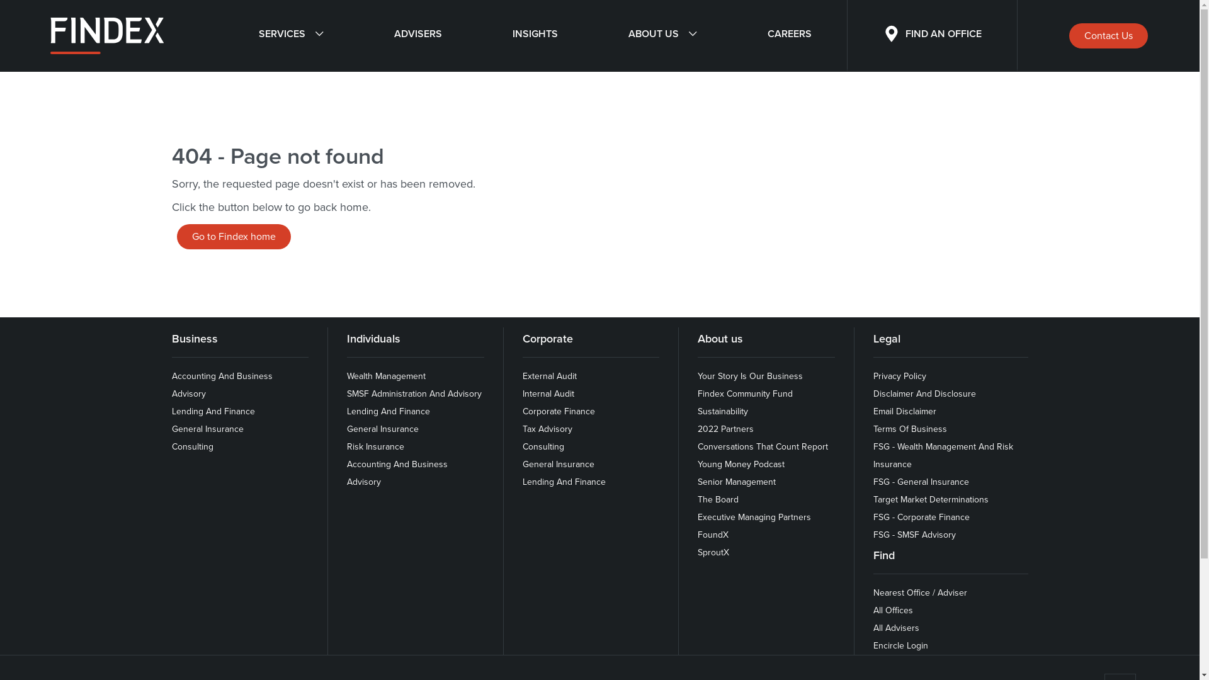  What do you see at coordinates (920, 592) in the screenshot?
I see `'Nearest Office / Adviser'` at bounding box center [920, 592].